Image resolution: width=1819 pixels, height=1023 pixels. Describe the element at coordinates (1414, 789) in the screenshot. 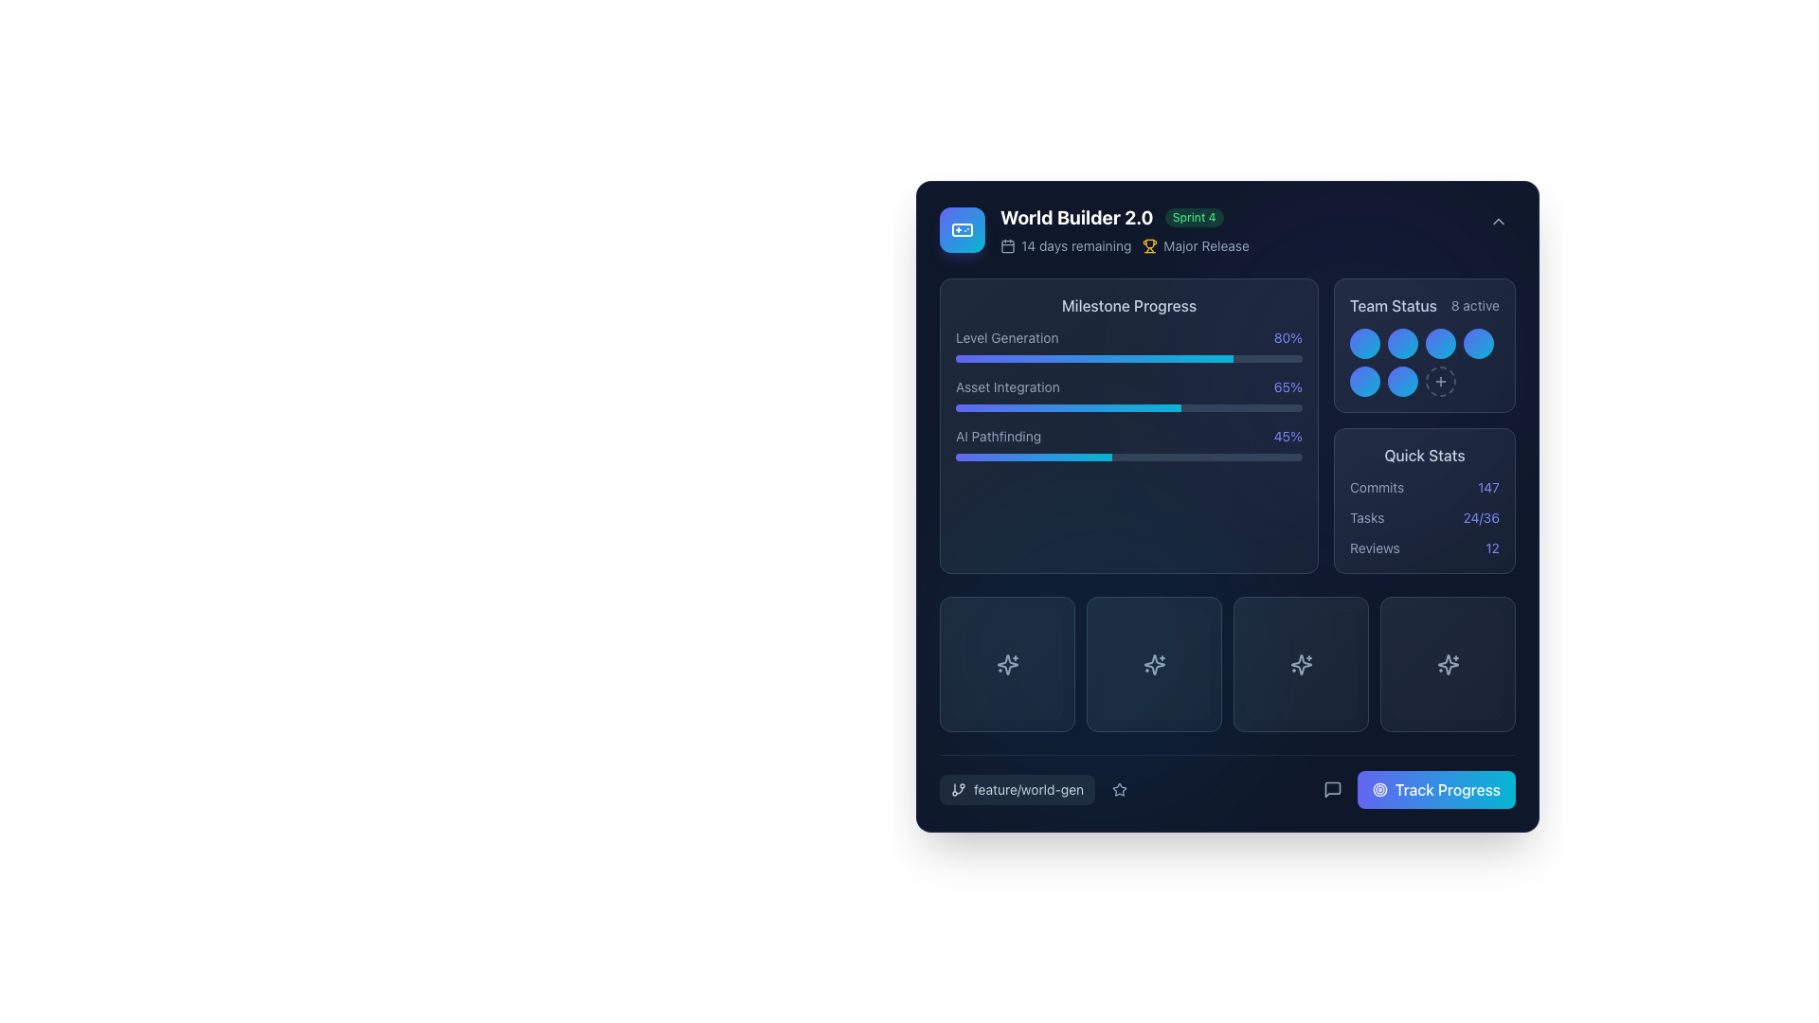

I see `the 'Track Progress' button, which is a rectangular button with a gradient background from indigo to cyan, featuring white text and a circular target-like icon on the left` at that location.